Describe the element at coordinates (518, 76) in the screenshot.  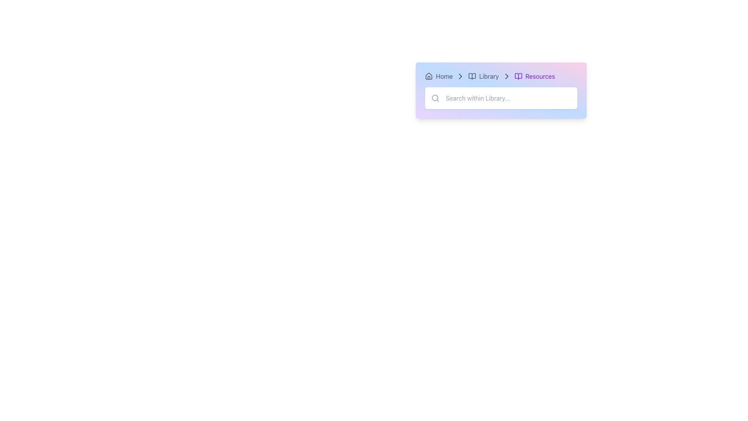
I see `the icon representing the 'Resources' link in the breadcrumb navigation section, which is located directly left of the 'Resources' text` at that location.